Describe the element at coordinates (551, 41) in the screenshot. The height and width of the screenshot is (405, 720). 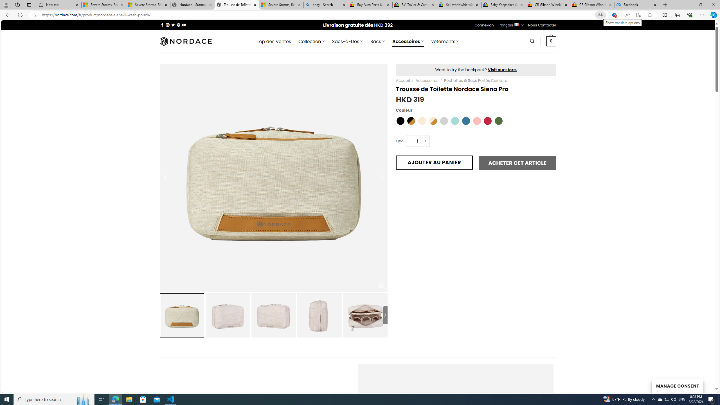
I see `'  0  '` at that location.